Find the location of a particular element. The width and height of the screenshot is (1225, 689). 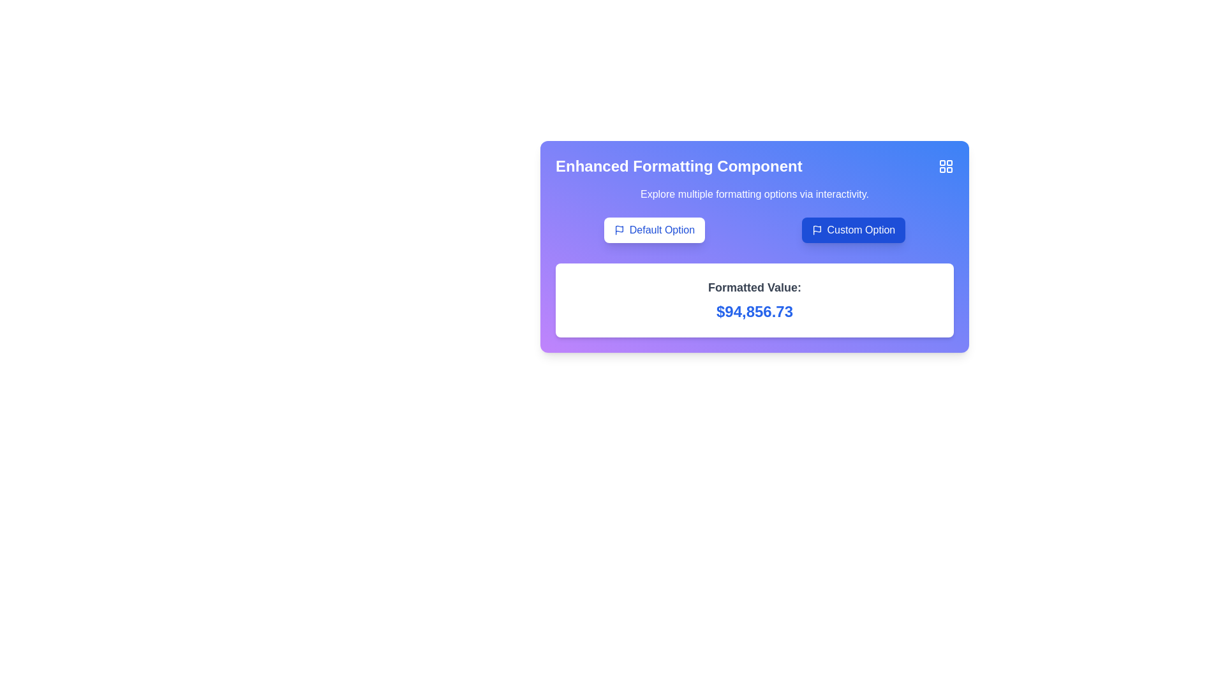

the 'Default Option' button is located at coordinates (662, 230).